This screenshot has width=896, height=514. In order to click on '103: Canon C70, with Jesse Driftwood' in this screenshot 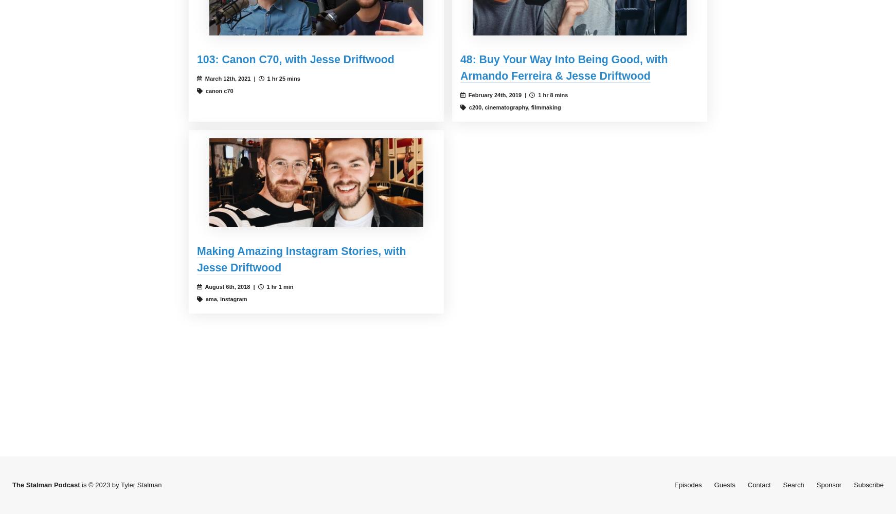, I will do `click(295, 59)`.